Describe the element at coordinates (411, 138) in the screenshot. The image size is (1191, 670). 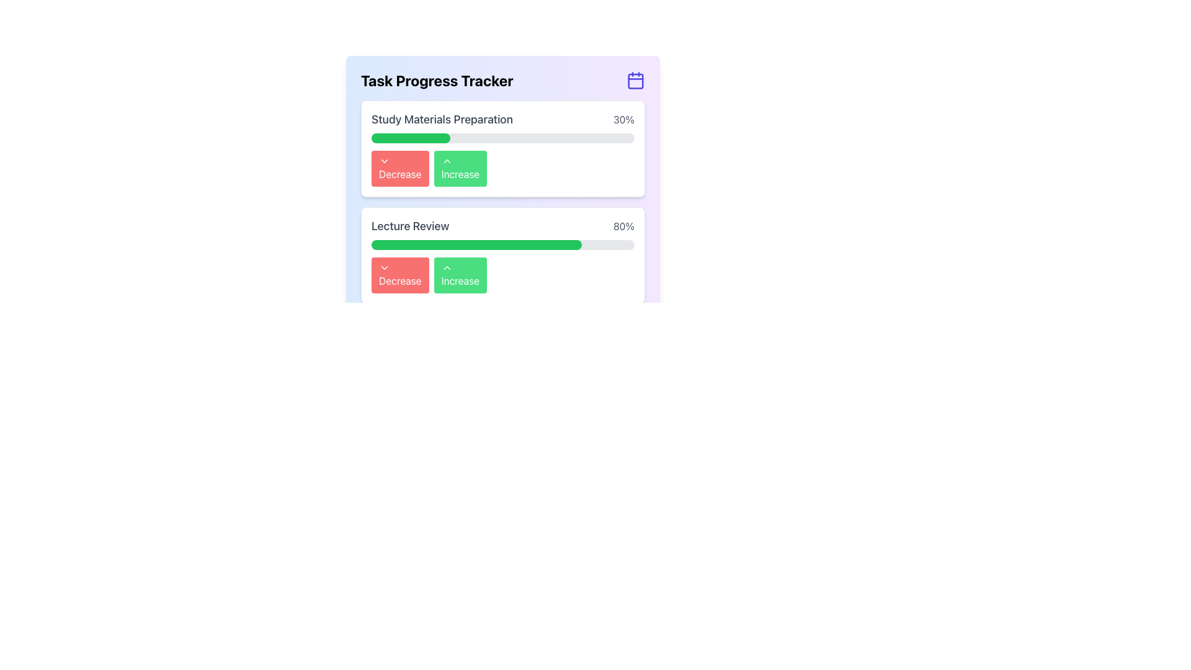
I see `the filled portion of the progress bar that visually represents a 30% progress level for the 'Study Materials Preparation' task` at that location.